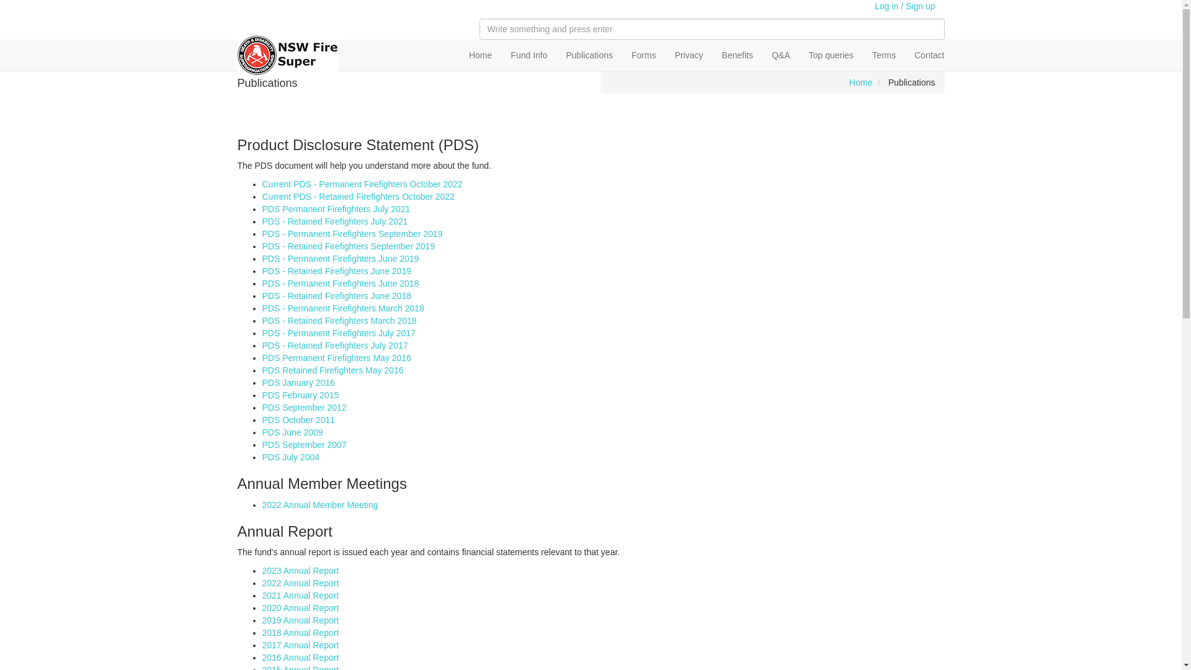  I want to click on 'PDS - Permanent Firefighters July 2017', so click(338, 332).